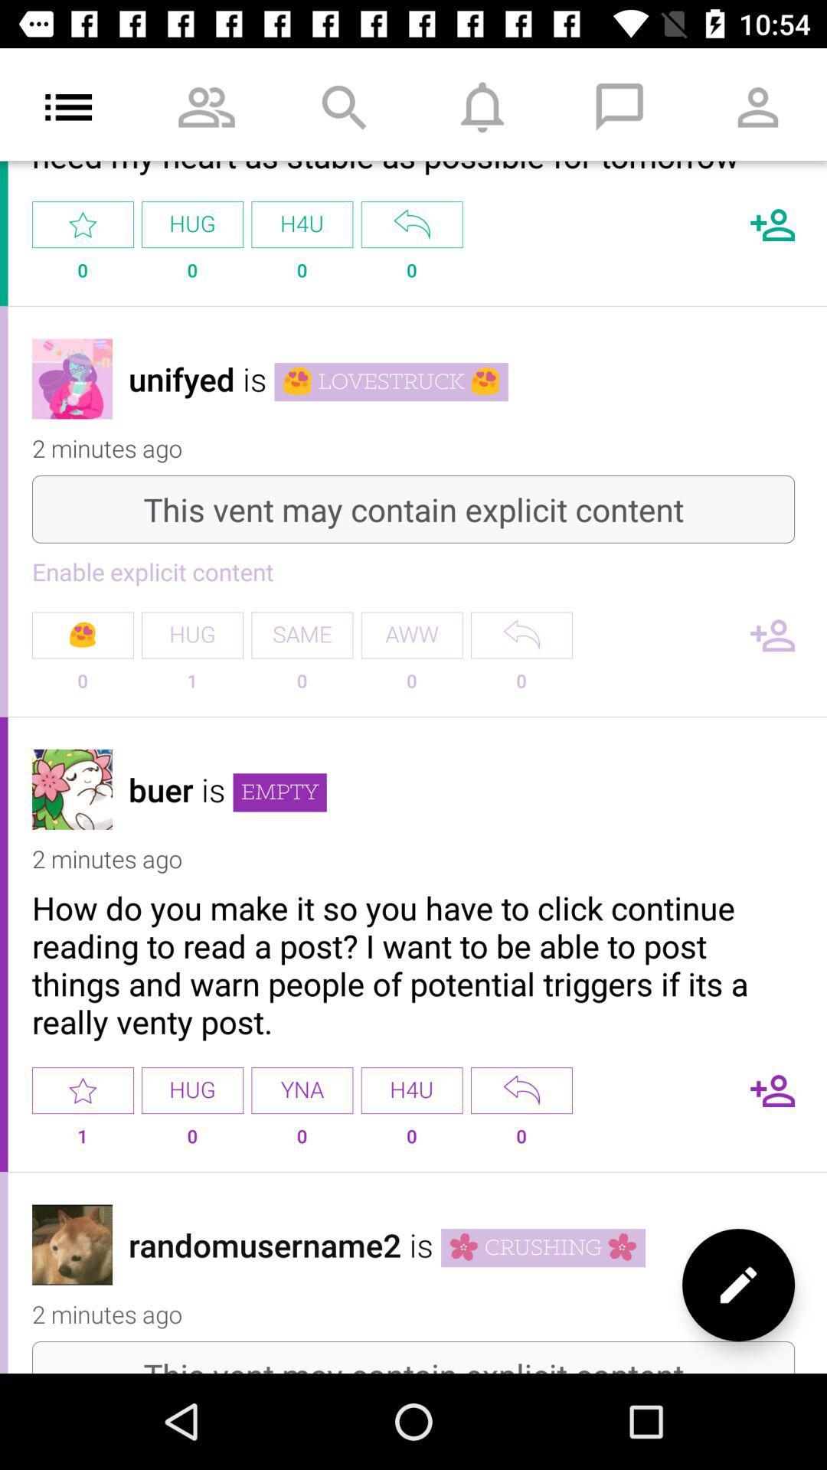  Describe the element at coordinates (411, 224) in the screenshot. I see `reply` at that location.